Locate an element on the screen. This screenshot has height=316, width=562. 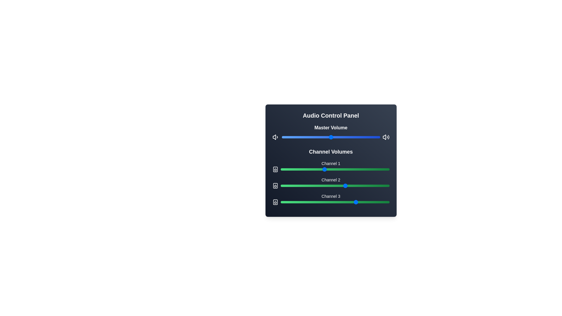
the 'Channel 1' volume is located at coordinates (341, 169).